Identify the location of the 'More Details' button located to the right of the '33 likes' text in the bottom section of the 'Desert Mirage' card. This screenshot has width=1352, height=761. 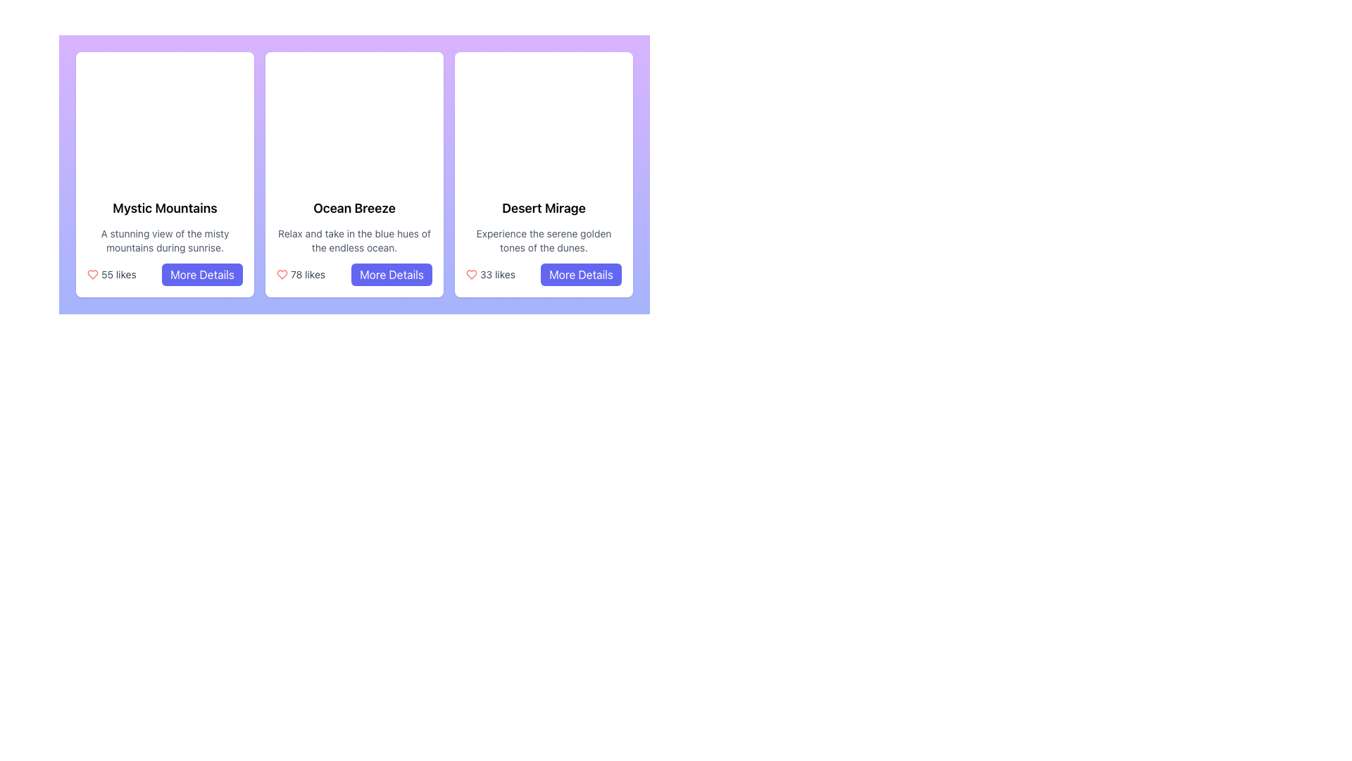
(543, 274).